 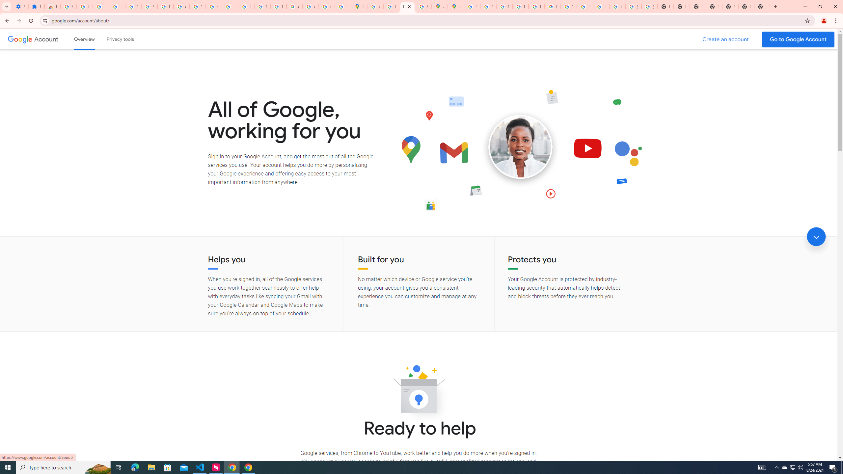 What do you see at coordinates (230, 6) in the screenshot?
I see `'https://scholar.google.com/'` at bounding box center [230, 6].